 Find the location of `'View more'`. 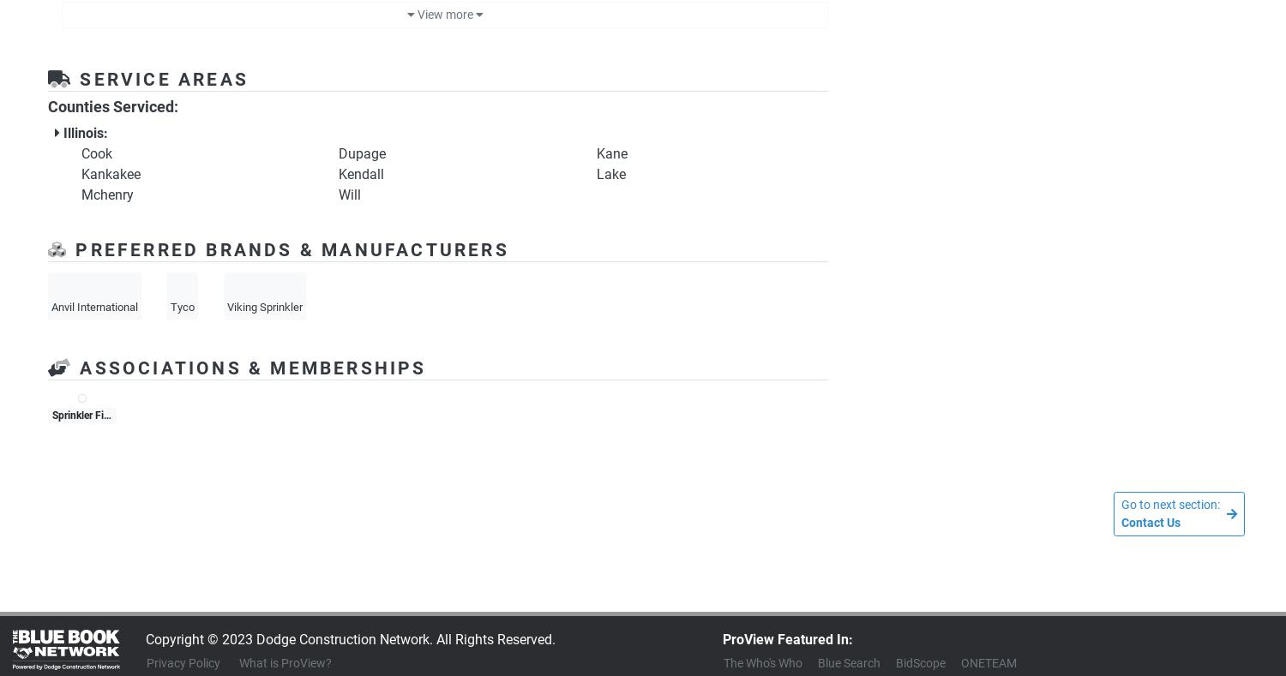

'View more' is located at coordinates (444, 13).